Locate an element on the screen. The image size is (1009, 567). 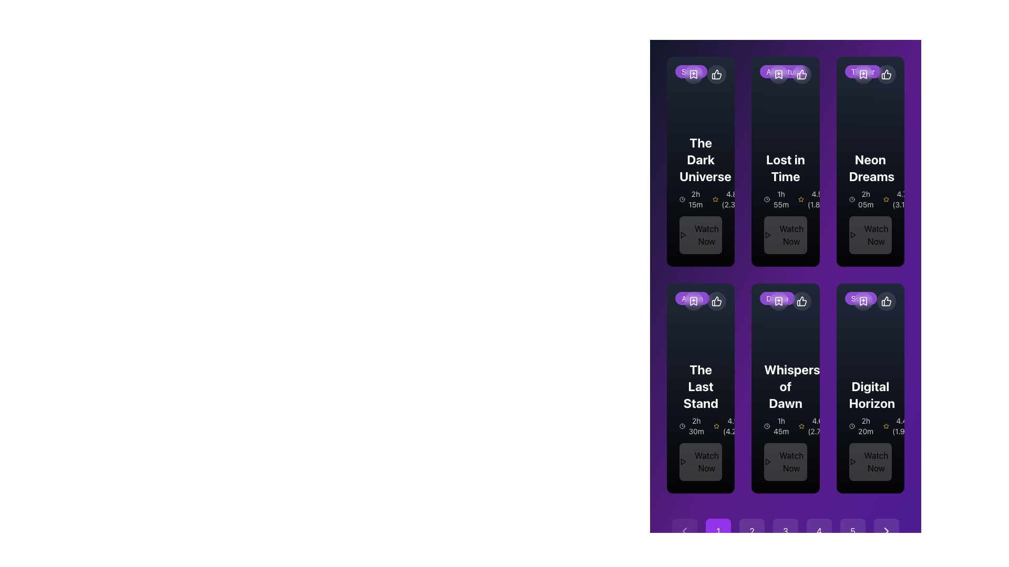
the label displaying '2h 15m' with a clock icon is located at coordinates (692, 199).